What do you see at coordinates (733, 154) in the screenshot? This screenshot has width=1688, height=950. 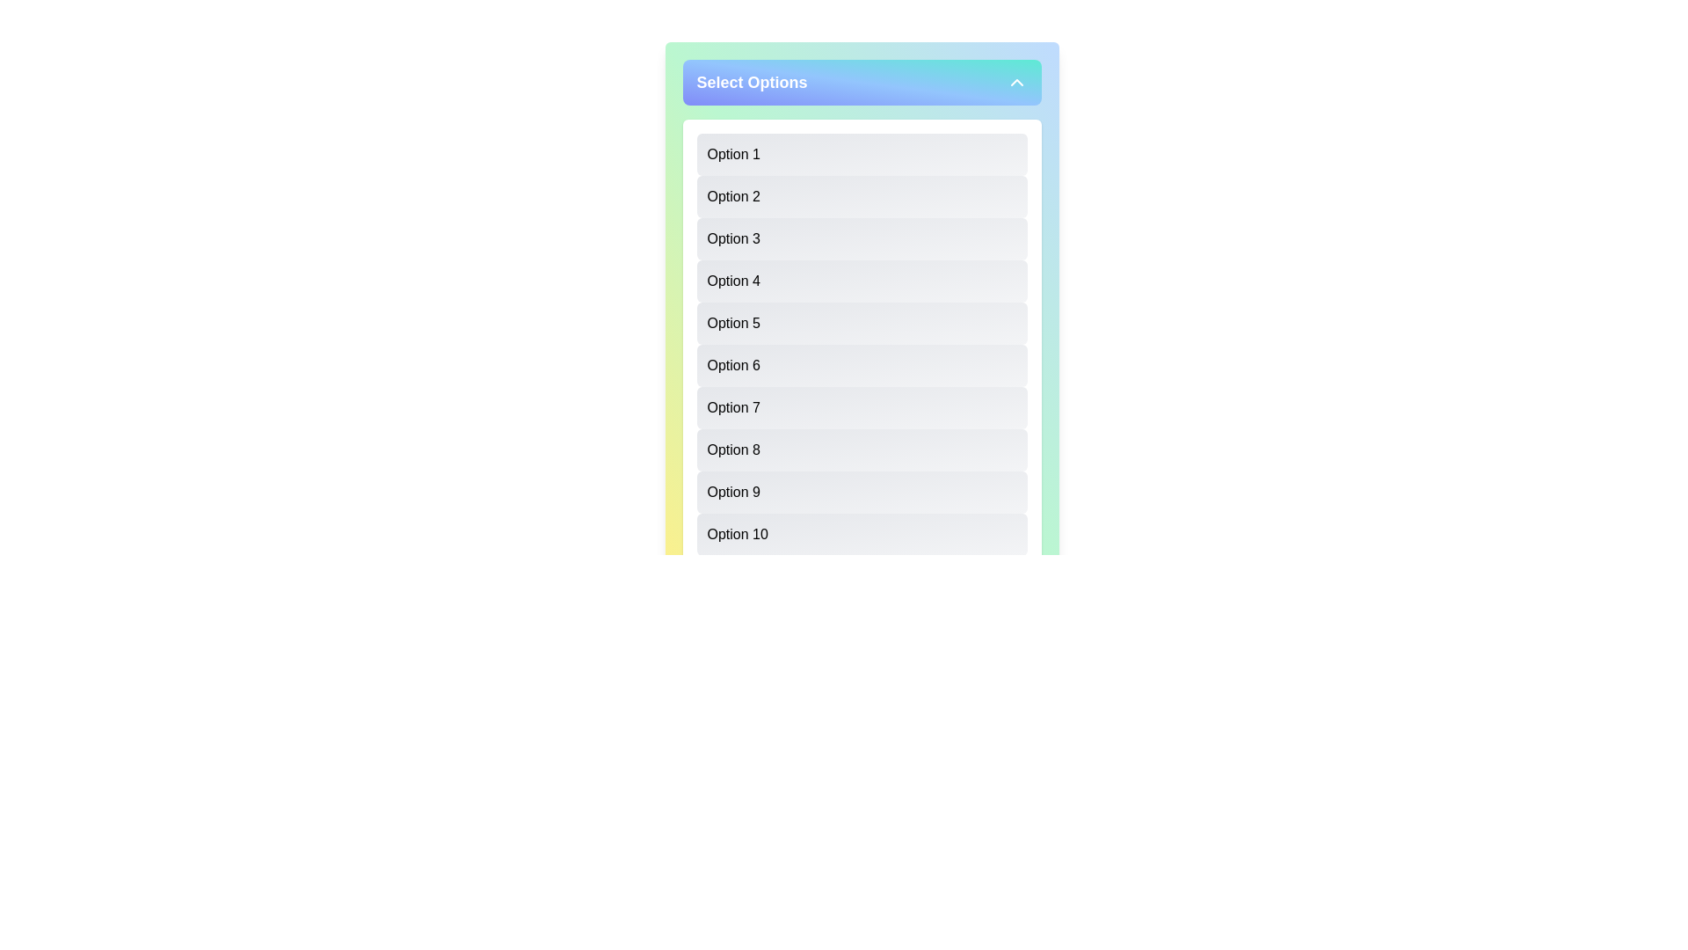 I see `the text content of the topmost option labeled 'Option 1' in the dropdown list under 'Select Options'` at bounding box center [733, 154].